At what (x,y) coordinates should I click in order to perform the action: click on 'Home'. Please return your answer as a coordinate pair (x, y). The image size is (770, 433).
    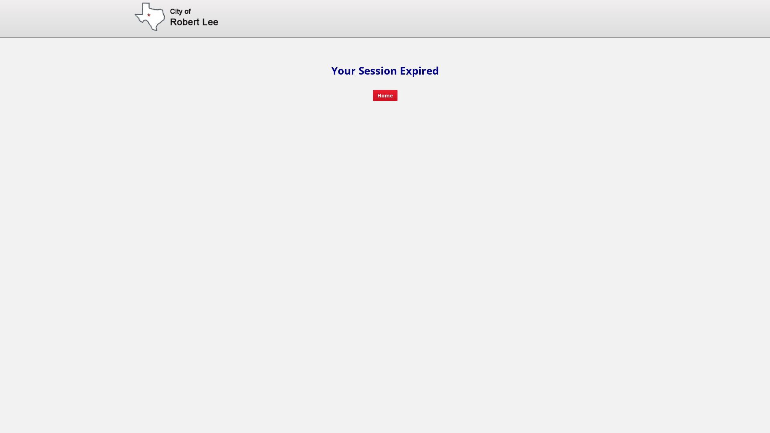
    Looking at the image, I should click on (385, 95).